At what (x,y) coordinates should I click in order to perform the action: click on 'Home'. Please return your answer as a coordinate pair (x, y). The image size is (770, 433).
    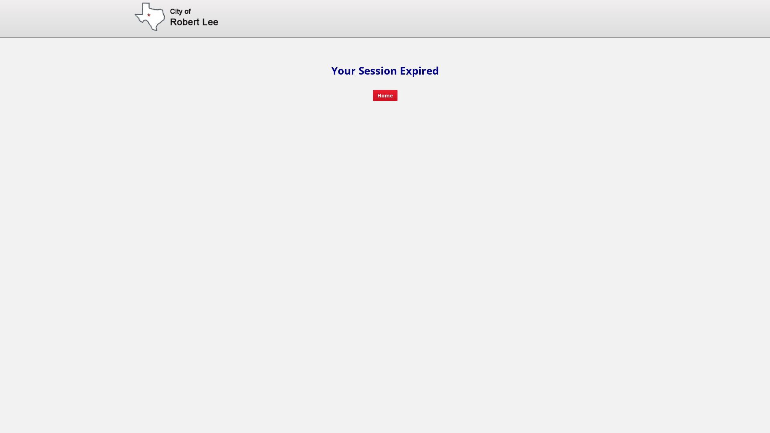
    Looking at the image, I should click on (385, 95).